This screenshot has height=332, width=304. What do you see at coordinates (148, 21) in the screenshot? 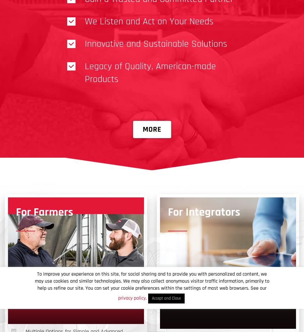
I see `'We Listen and Act on Your Needs'` at bounding box center [148, 21].